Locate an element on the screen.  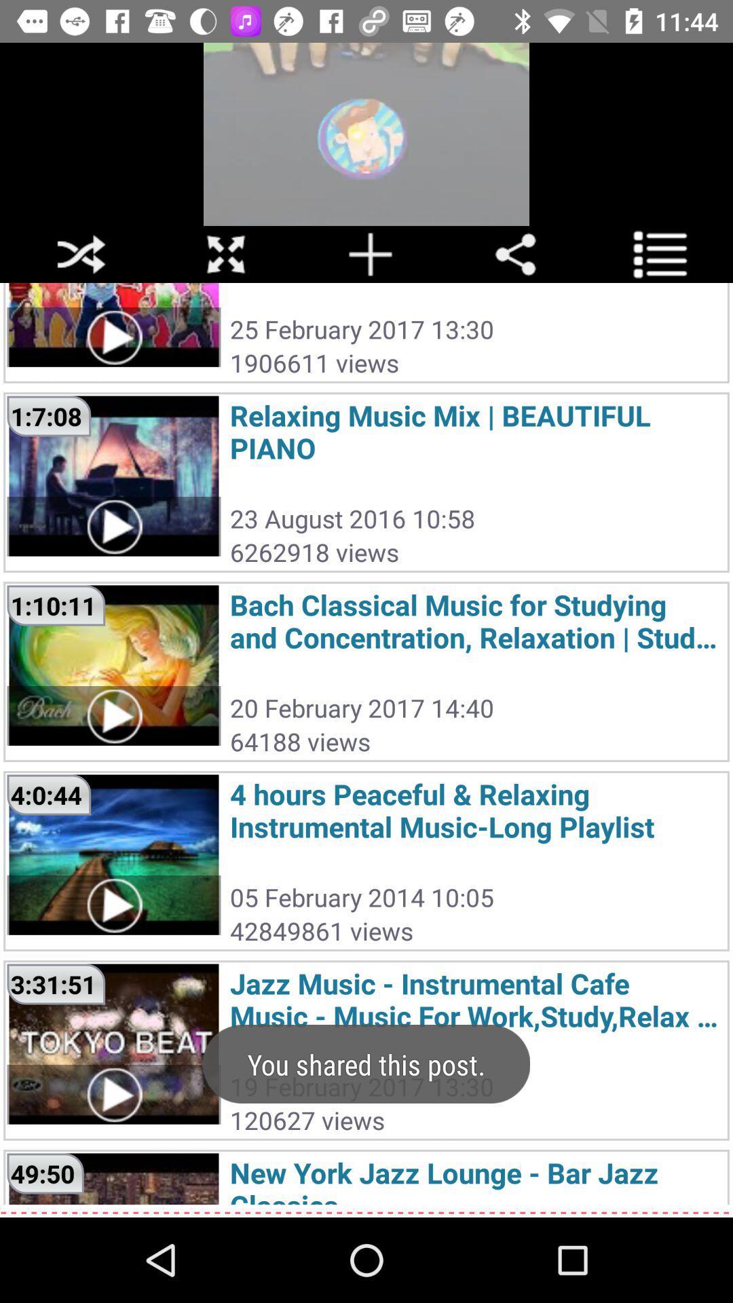
the close icon is located at coordinates (81, 254).